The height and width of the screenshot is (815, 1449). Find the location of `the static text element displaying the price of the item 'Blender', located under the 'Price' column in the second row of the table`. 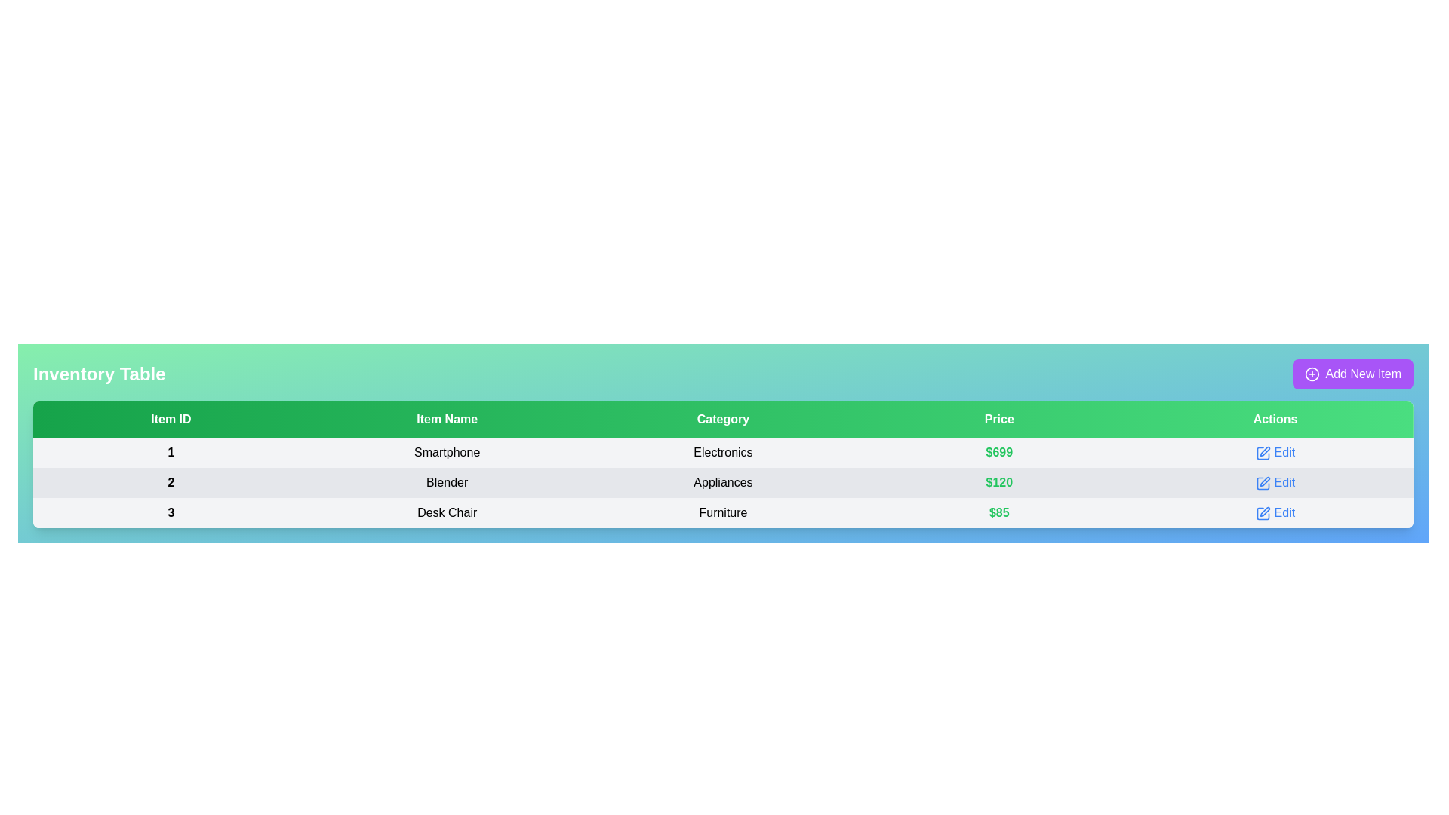

the static text element displaying the price of the item 'Blender', located under the 'Price' column in the second row of the table is located at coordinates (999, 483).